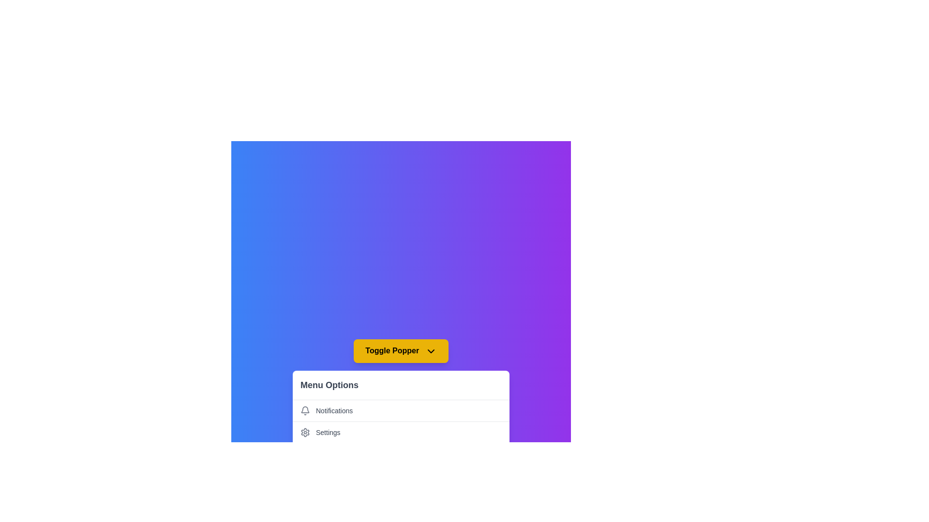  What do you see at coordinates (401, 410) in the screenshot?
I see `the first menu item for managing notifications in the system` at bounding box center [401, 410].